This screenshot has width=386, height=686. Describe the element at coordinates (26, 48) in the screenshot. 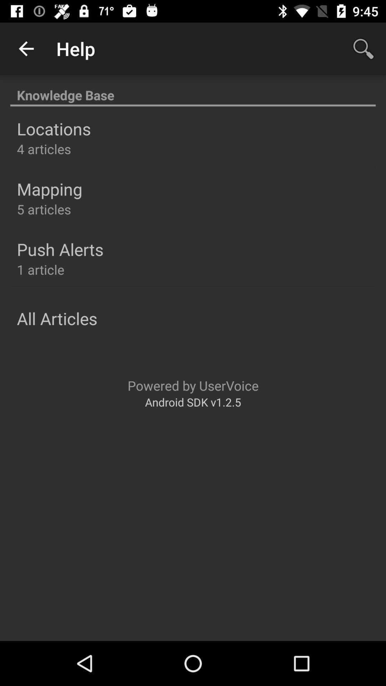

I see `the icon above knowledge base item` at that location.